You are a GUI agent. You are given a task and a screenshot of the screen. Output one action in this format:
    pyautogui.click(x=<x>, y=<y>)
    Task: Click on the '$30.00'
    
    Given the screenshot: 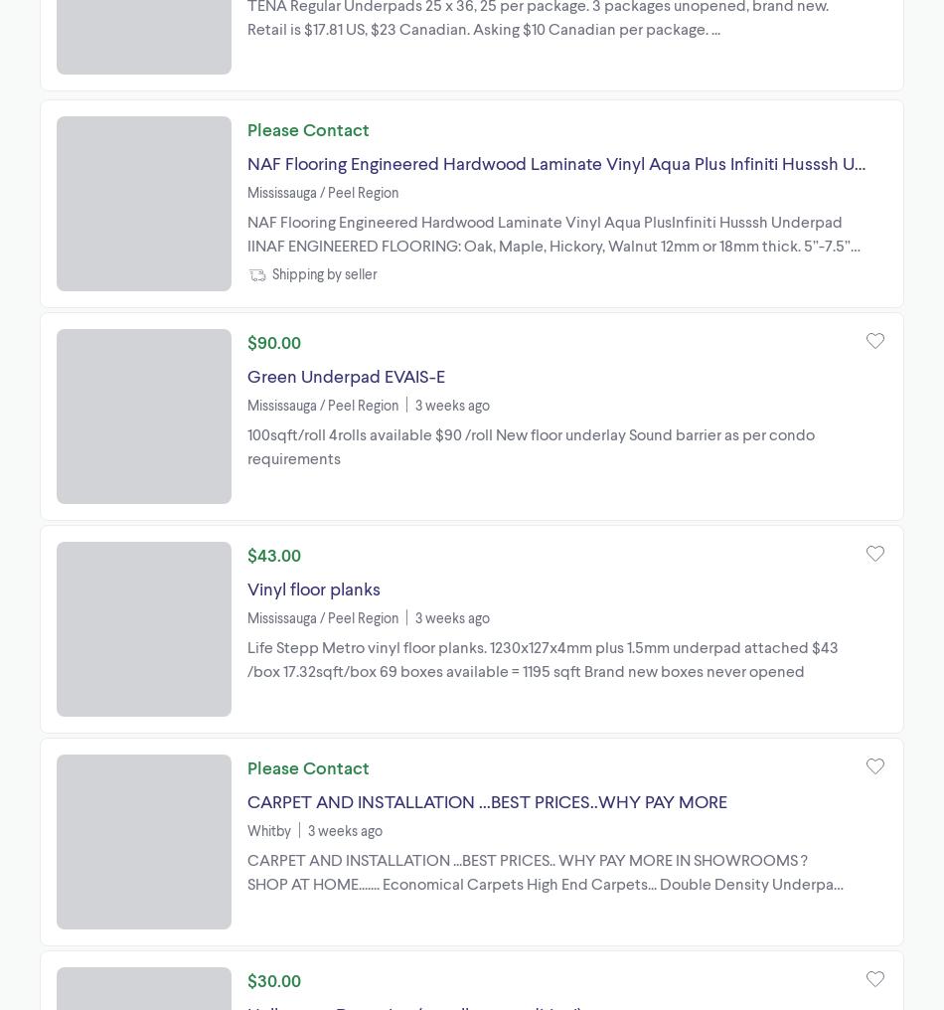 What is the action you would take?
    pyautogui.click(x=272, y=979)
    